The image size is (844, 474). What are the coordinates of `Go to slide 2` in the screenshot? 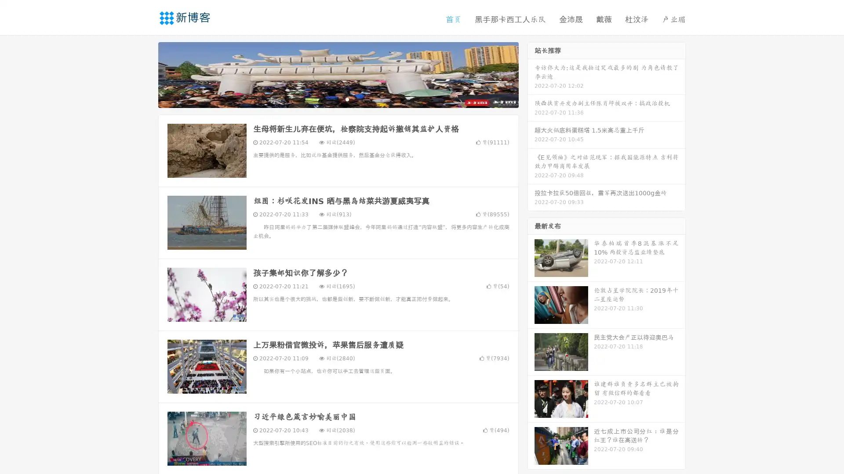 It's located at (338, 99).